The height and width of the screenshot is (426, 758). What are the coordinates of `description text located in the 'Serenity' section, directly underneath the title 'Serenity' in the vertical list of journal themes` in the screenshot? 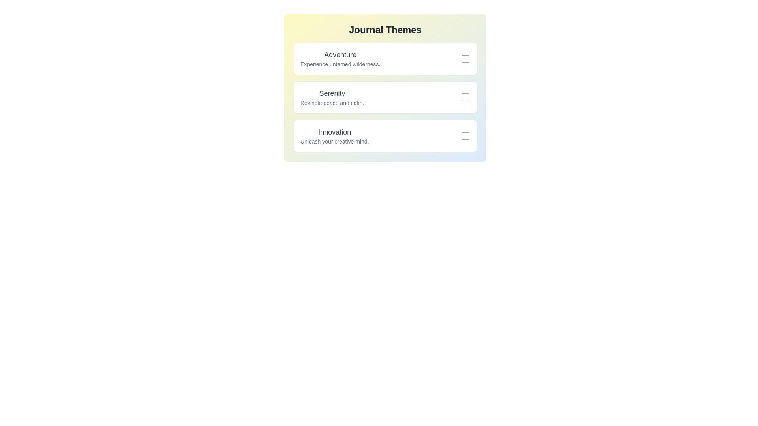 It's located at (332, 103).